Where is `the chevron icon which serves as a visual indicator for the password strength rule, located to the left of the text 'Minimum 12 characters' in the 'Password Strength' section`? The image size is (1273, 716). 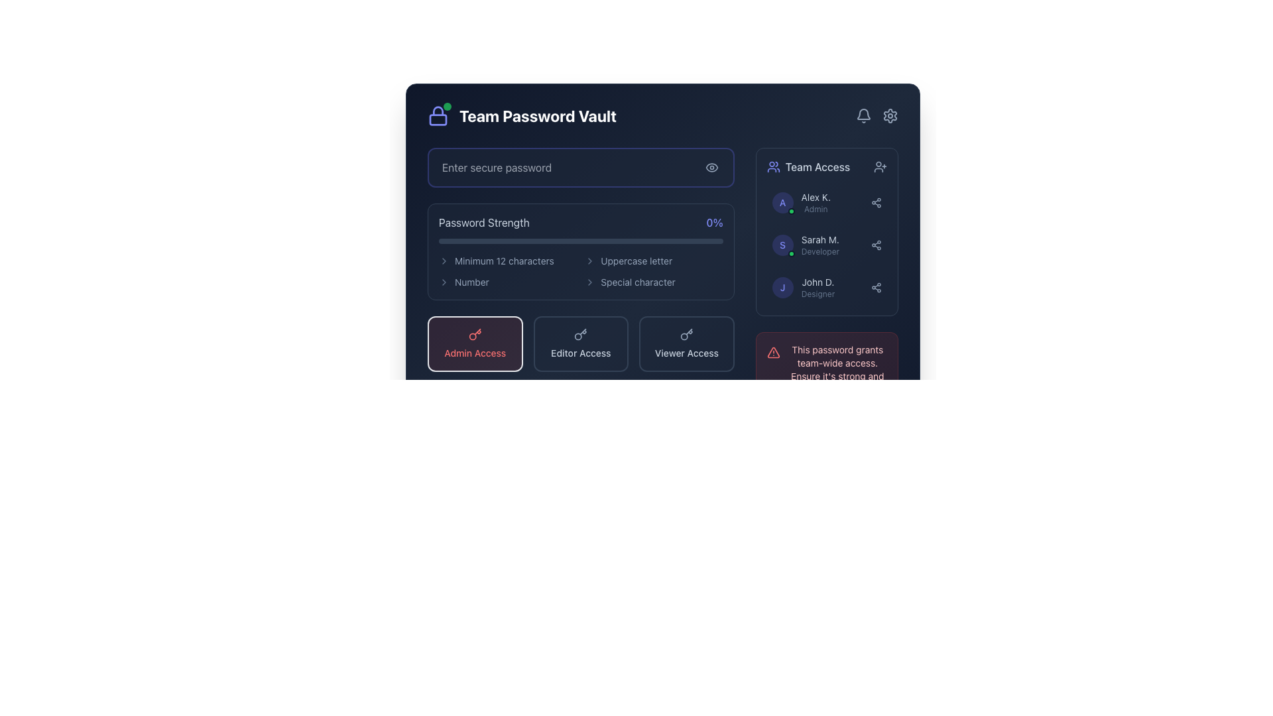
the chevron icon which serves as a visual indicator for the password strength rule, located to the left of the text 'Minimum 12 characters' in the 'Password Strength' section is located at coordinates (444, 261).